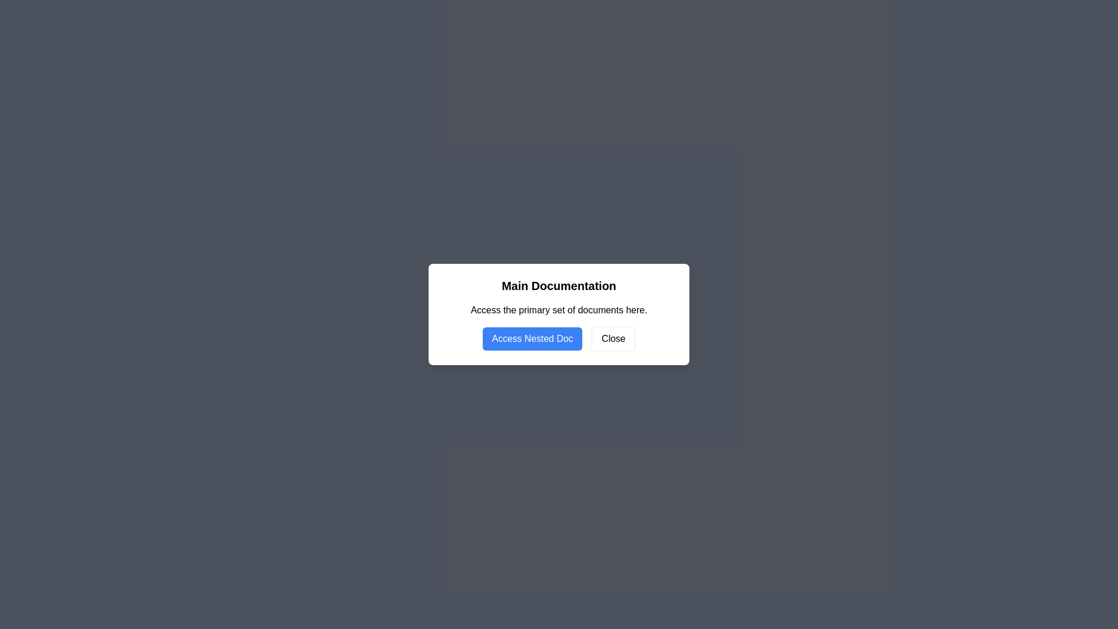  What do you see at coordinates (559, 314) in the screenshot?
I see `the descriptive text 'Access the primary set of documents here.' within the Modal box titled 'Main Documentation' to read it` at bounding box center [559, 314].